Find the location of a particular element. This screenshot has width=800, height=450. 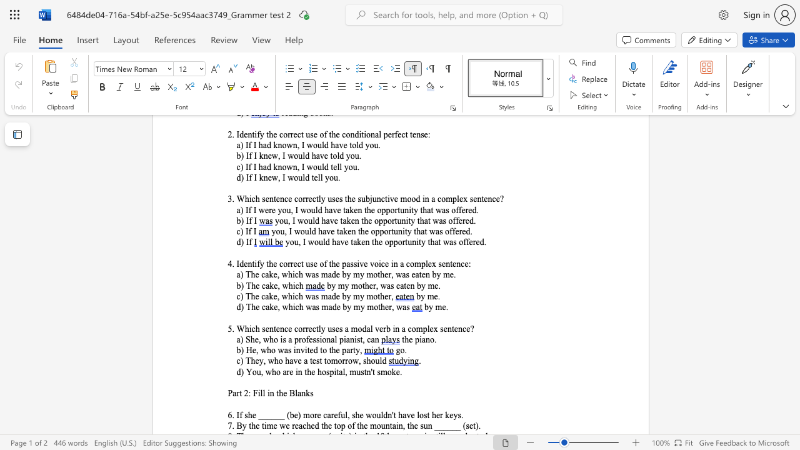

the subset text "he cake, w" within the text "c) The cake, which was made by my mother," is located at coordinates (250, 296).